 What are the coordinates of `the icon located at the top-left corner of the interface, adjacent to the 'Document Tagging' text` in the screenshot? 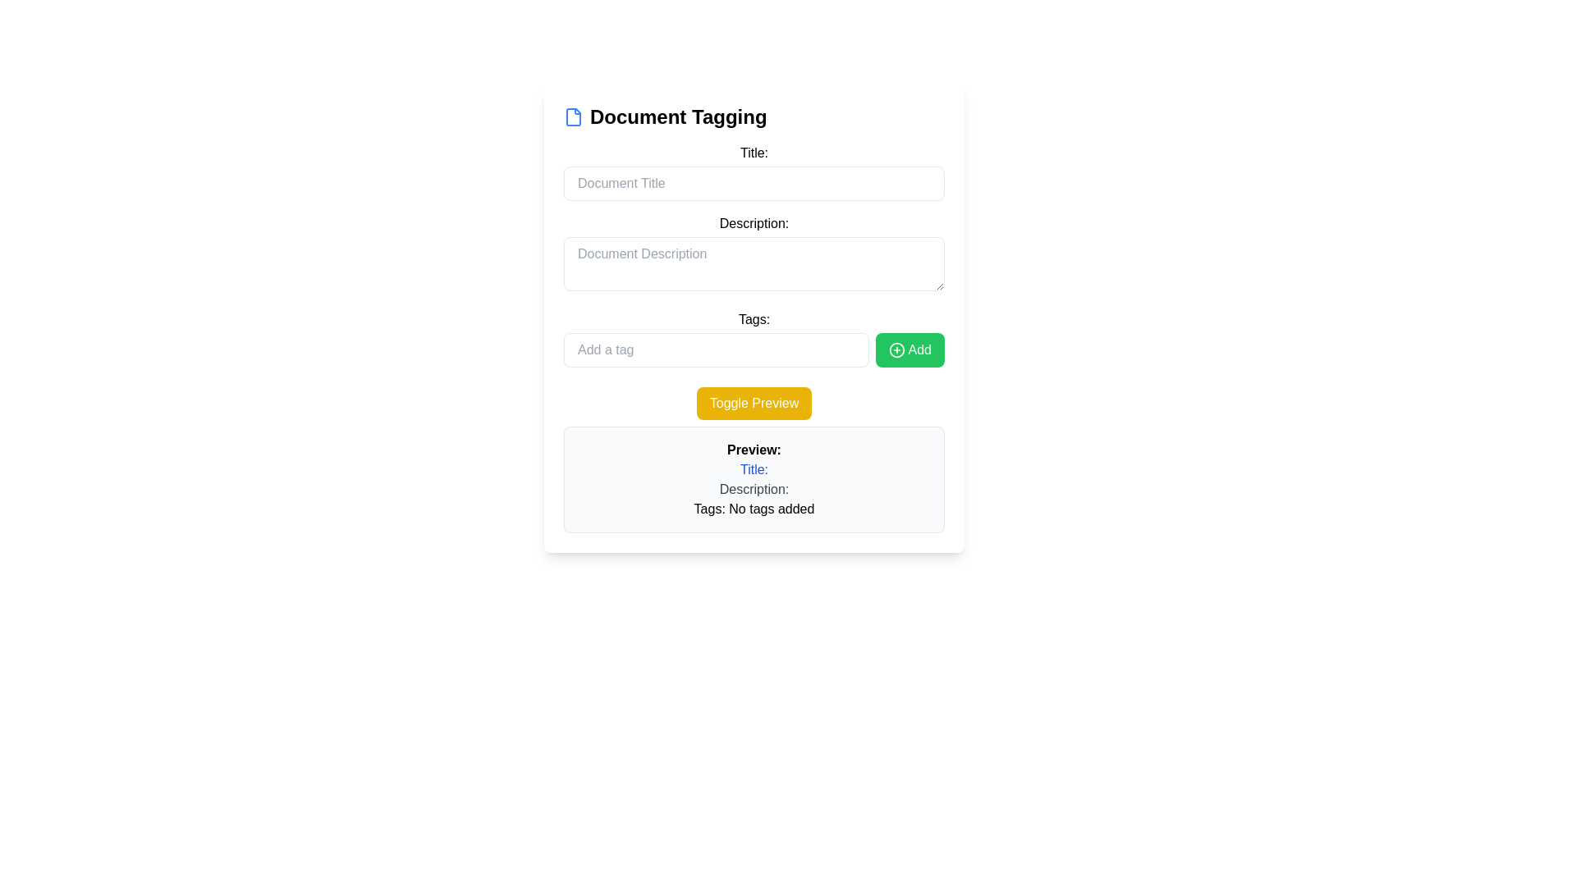 It's located at (574, 116).